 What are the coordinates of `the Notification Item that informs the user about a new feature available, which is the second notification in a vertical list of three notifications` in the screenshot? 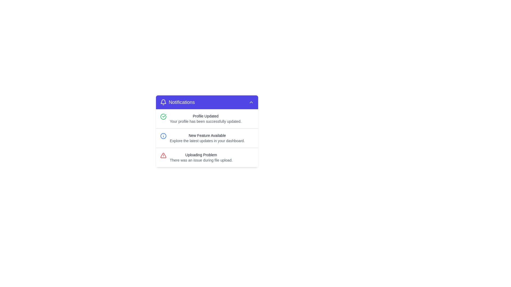 It's located at (207, 138).